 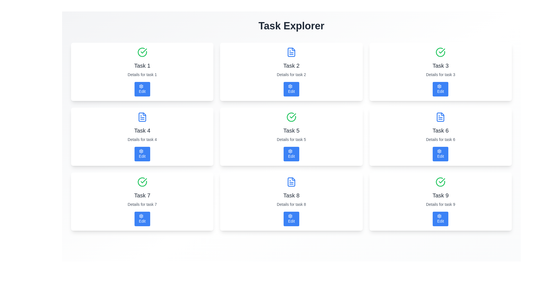 What do you see at coordinates (143, 51) in the screenshot?
I see `attributes of the green check-like icon located in the top left corner of the task card labeled 'Task 1'` at bounding box center [143, 51].